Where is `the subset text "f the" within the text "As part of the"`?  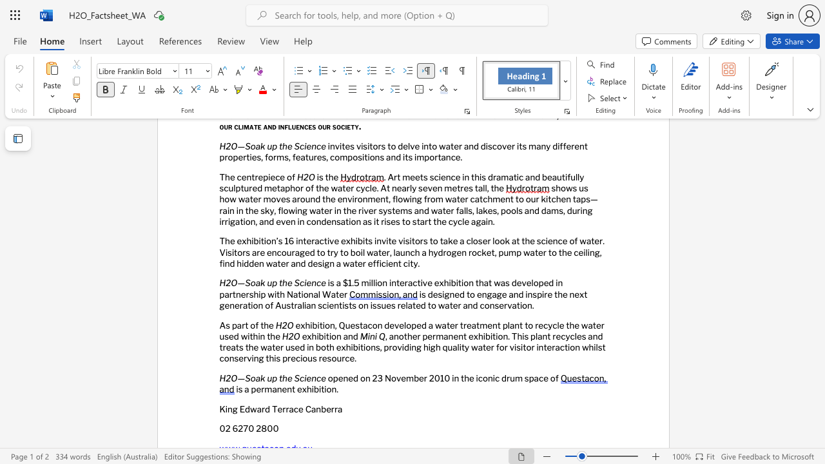 the subset text "f the" within the text "As part of the" is located at coordinates (255, 324).